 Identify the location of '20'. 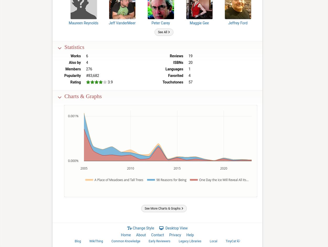
(190, 63).